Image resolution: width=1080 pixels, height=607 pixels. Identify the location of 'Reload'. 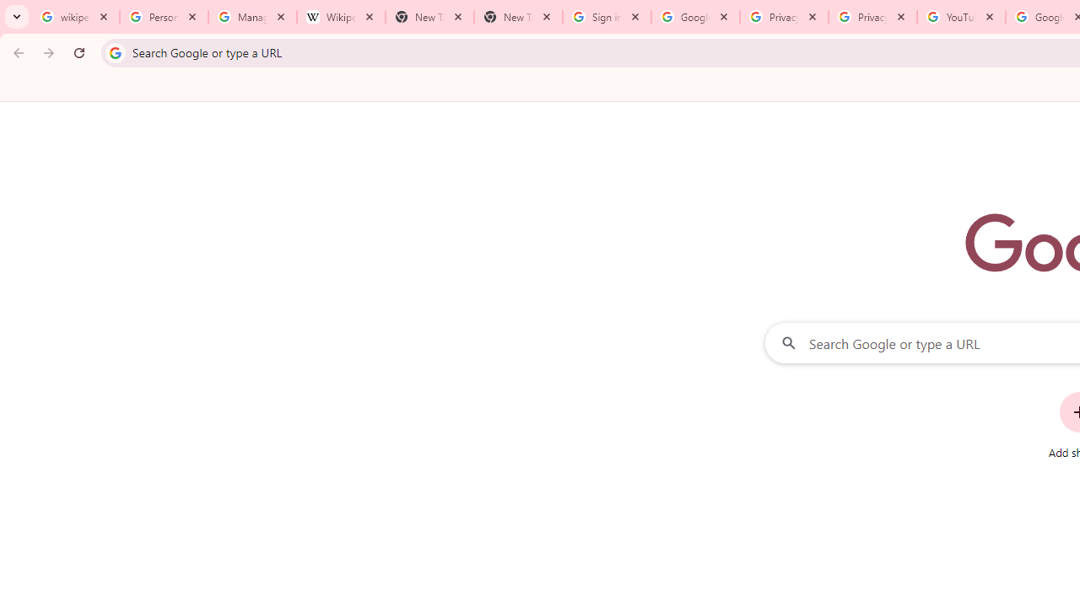
(78, 51).